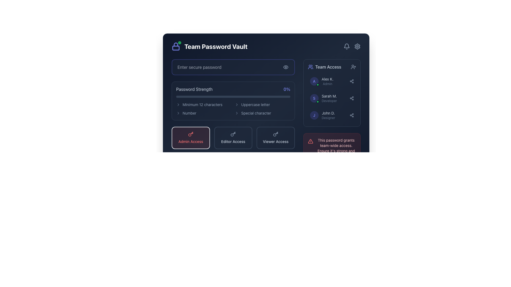 This screenshot has height=287, width=511. Describe the element at coordinates (237, 113) in the screenshot. I see `the right-pointing chevron icon with a thin gray outline located to the immediate left of the text 'Special character' in the Password Strength section` at that location.